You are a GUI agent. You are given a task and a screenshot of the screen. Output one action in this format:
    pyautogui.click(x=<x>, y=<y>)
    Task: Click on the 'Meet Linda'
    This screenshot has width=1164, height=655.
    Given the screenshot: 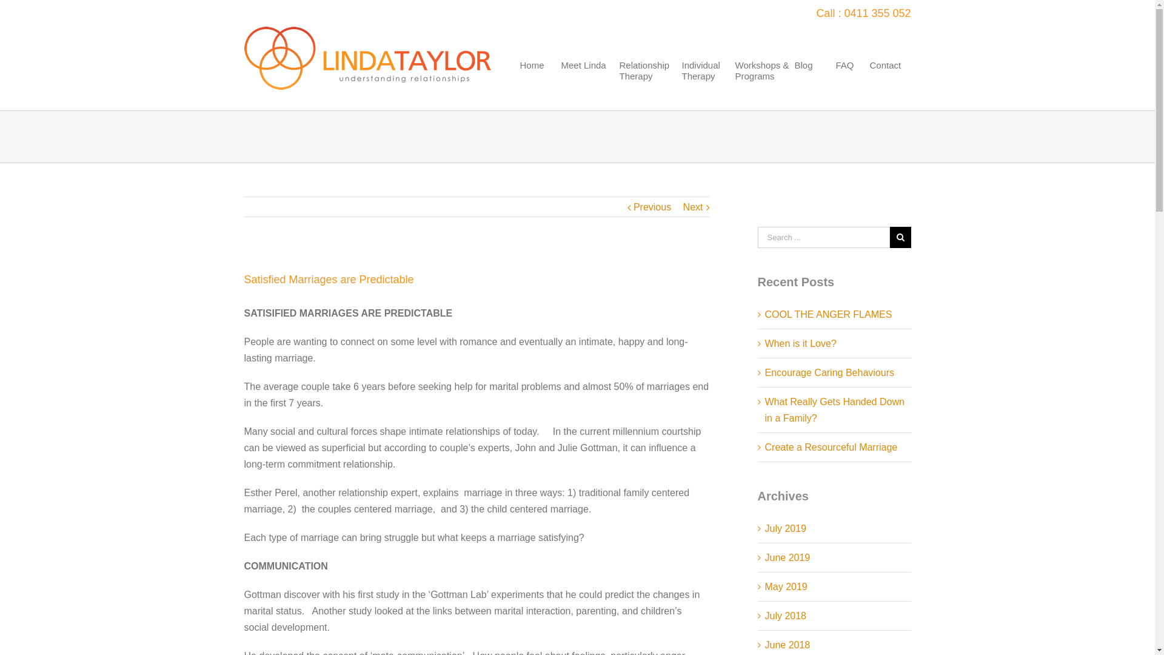 What is the action you would take?
    pyautogui.click(x=587, y=84)
    